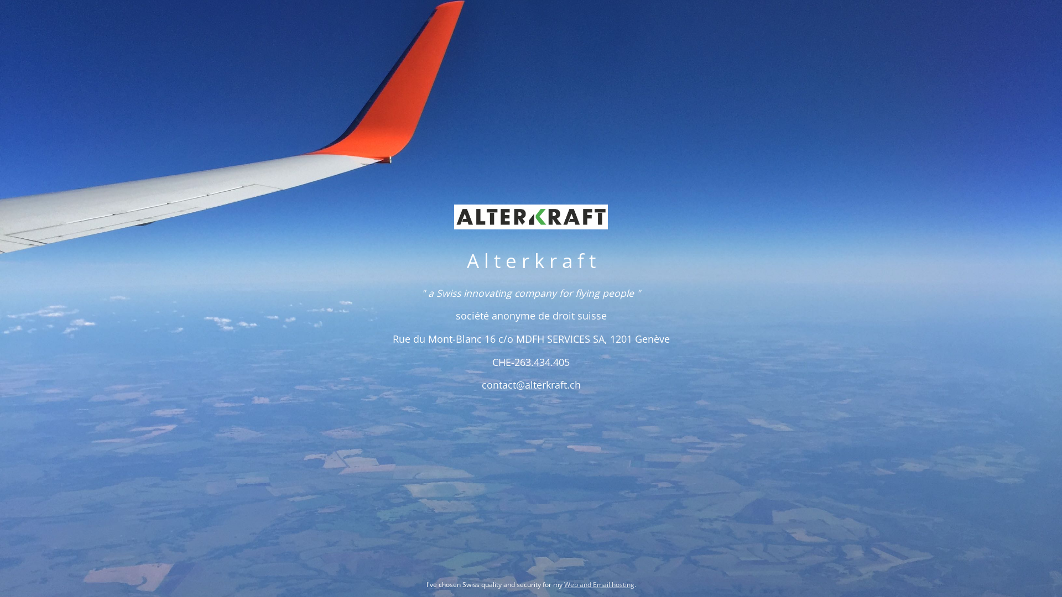 The height and width of the screenshot is (597, 1062). What do you see at coordinates (598, 584) in the screenshot?
I see `'Web and Email hosting'` at bounding box center [598, 584].